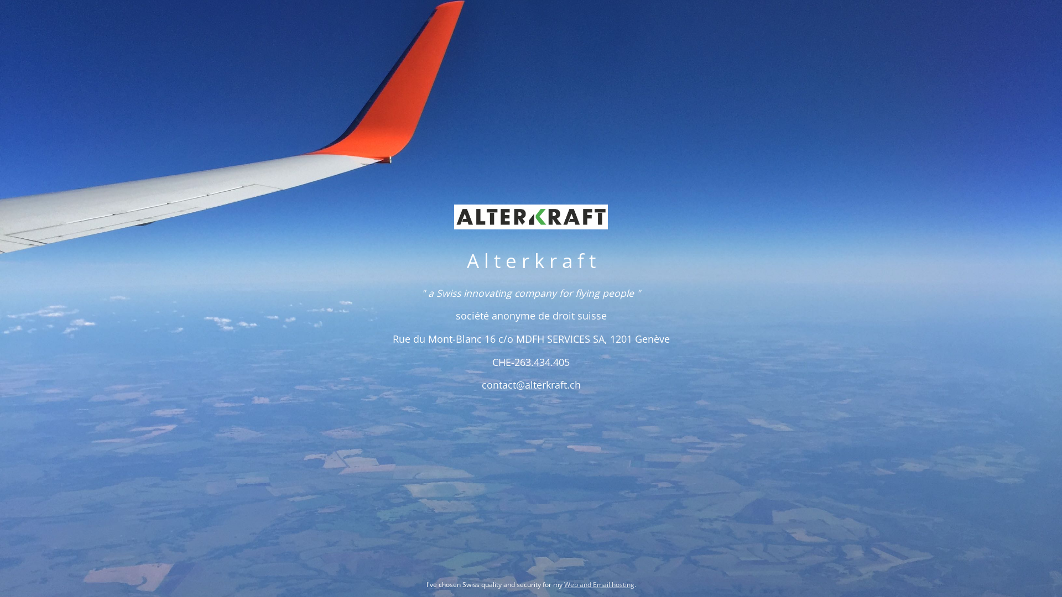 The height and width of the screenshot is (597, 1062). What do you see at coordinates (598, 584) in the screenshot?
I see `'Web and Email hosting'` at bounding box center [598, 584].